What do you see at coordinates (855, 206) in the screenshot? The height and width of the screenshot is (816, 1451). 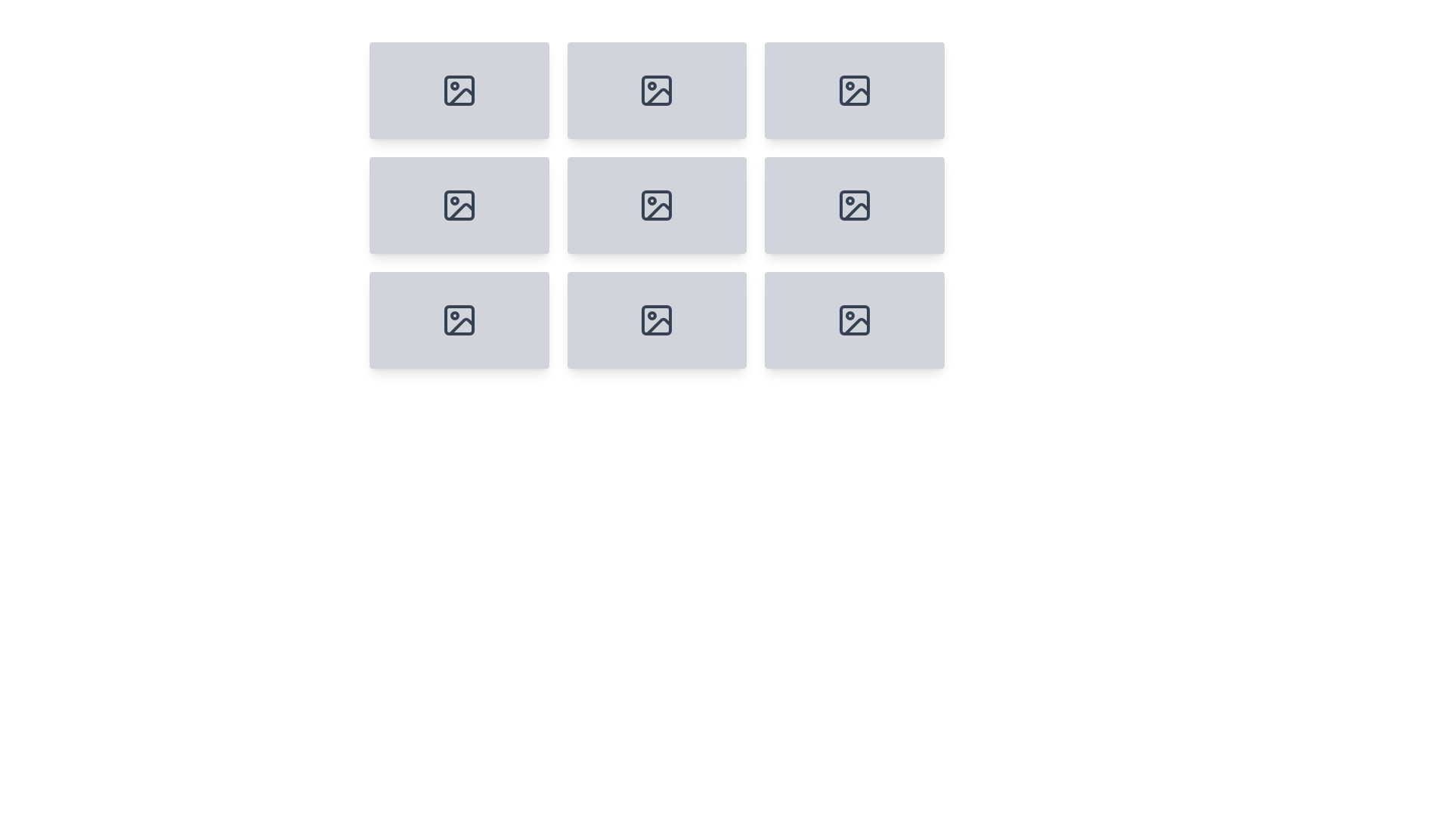 I see `the text label displaying 'Image 6', which is bold, white, and part of a description overlay on an image located at the bottom of the sixth item in a 3x3 grid layout` at bounding box center [855, 206].